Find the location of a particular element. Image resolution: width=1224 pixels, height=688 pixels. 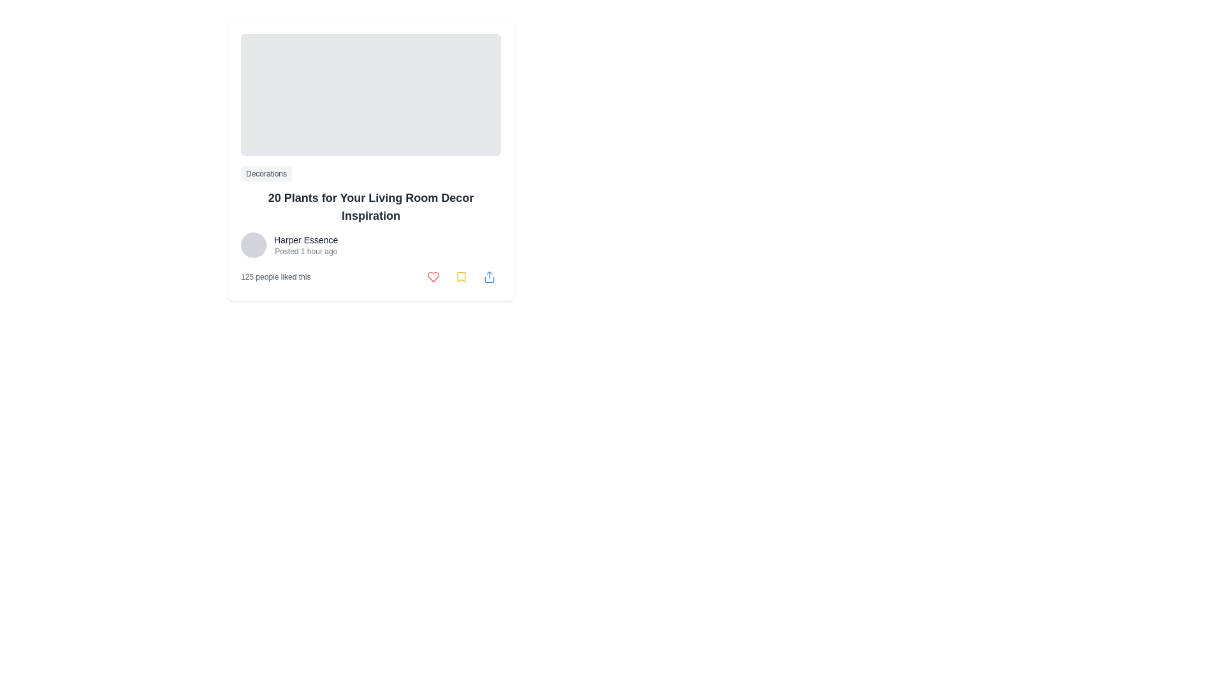

the first button from the left in the group of three interactive icons below the post's content to like or favorite the post is located at coordinates (433, 276).